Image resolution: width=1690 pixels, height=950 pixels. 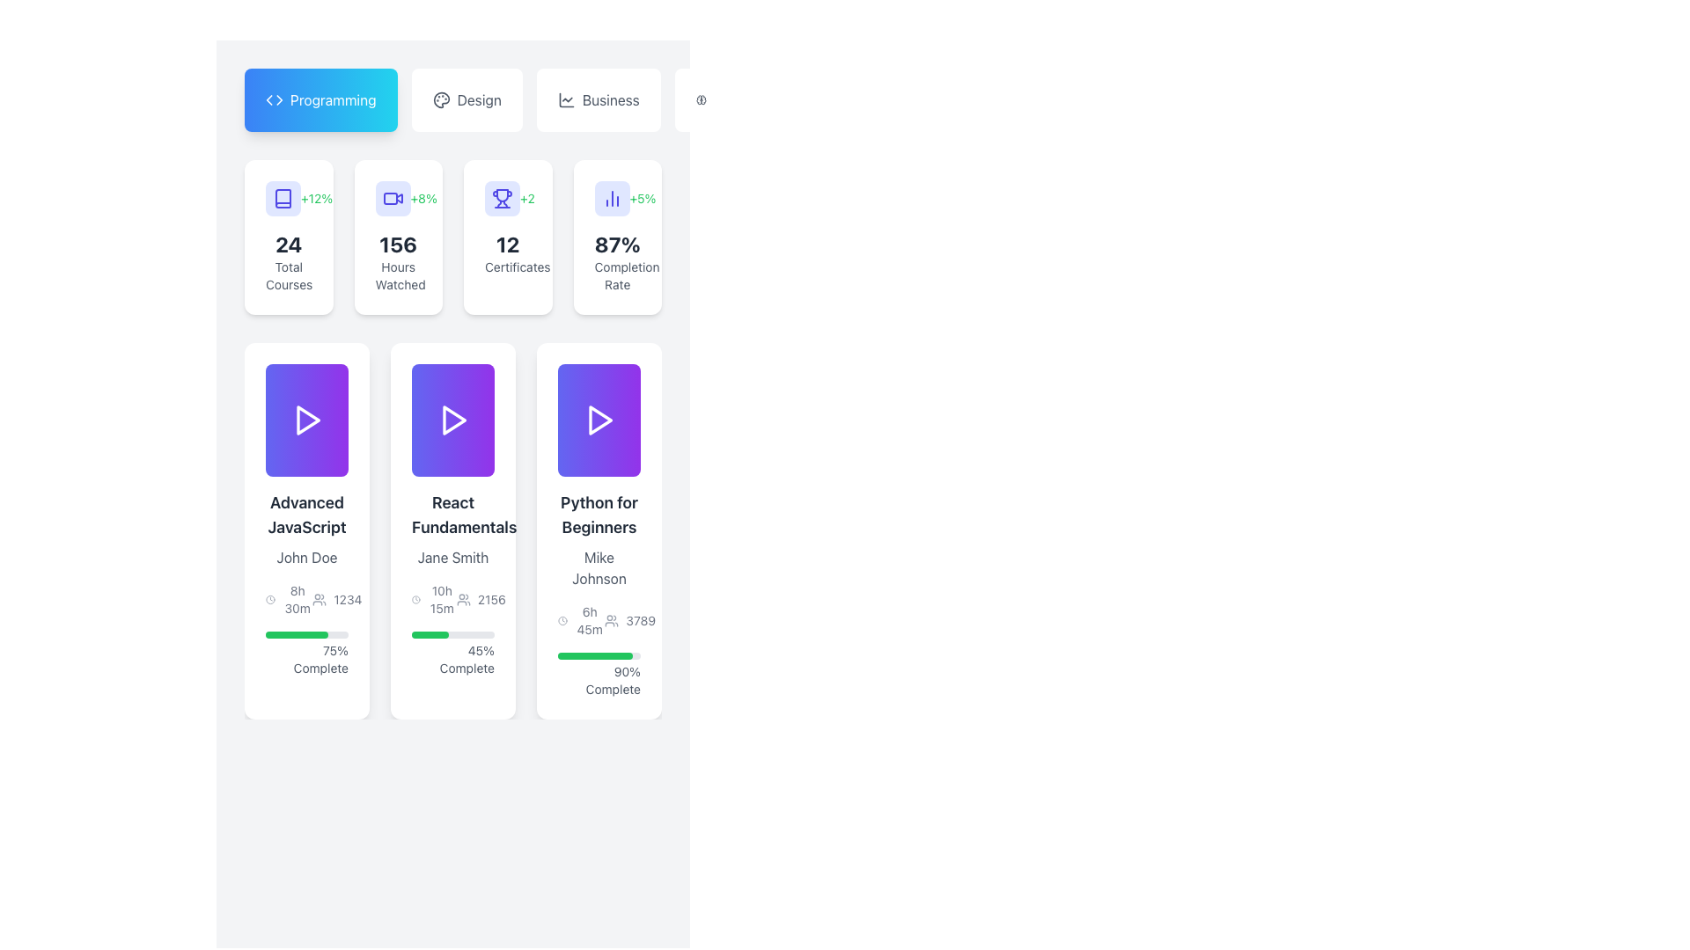 What do you see at coordinates (269, 599) in the screenshot?
I see `the circular graphic element that is part of the clock icon, styled with a stroke and no fill` at bounding box center [269, 599].